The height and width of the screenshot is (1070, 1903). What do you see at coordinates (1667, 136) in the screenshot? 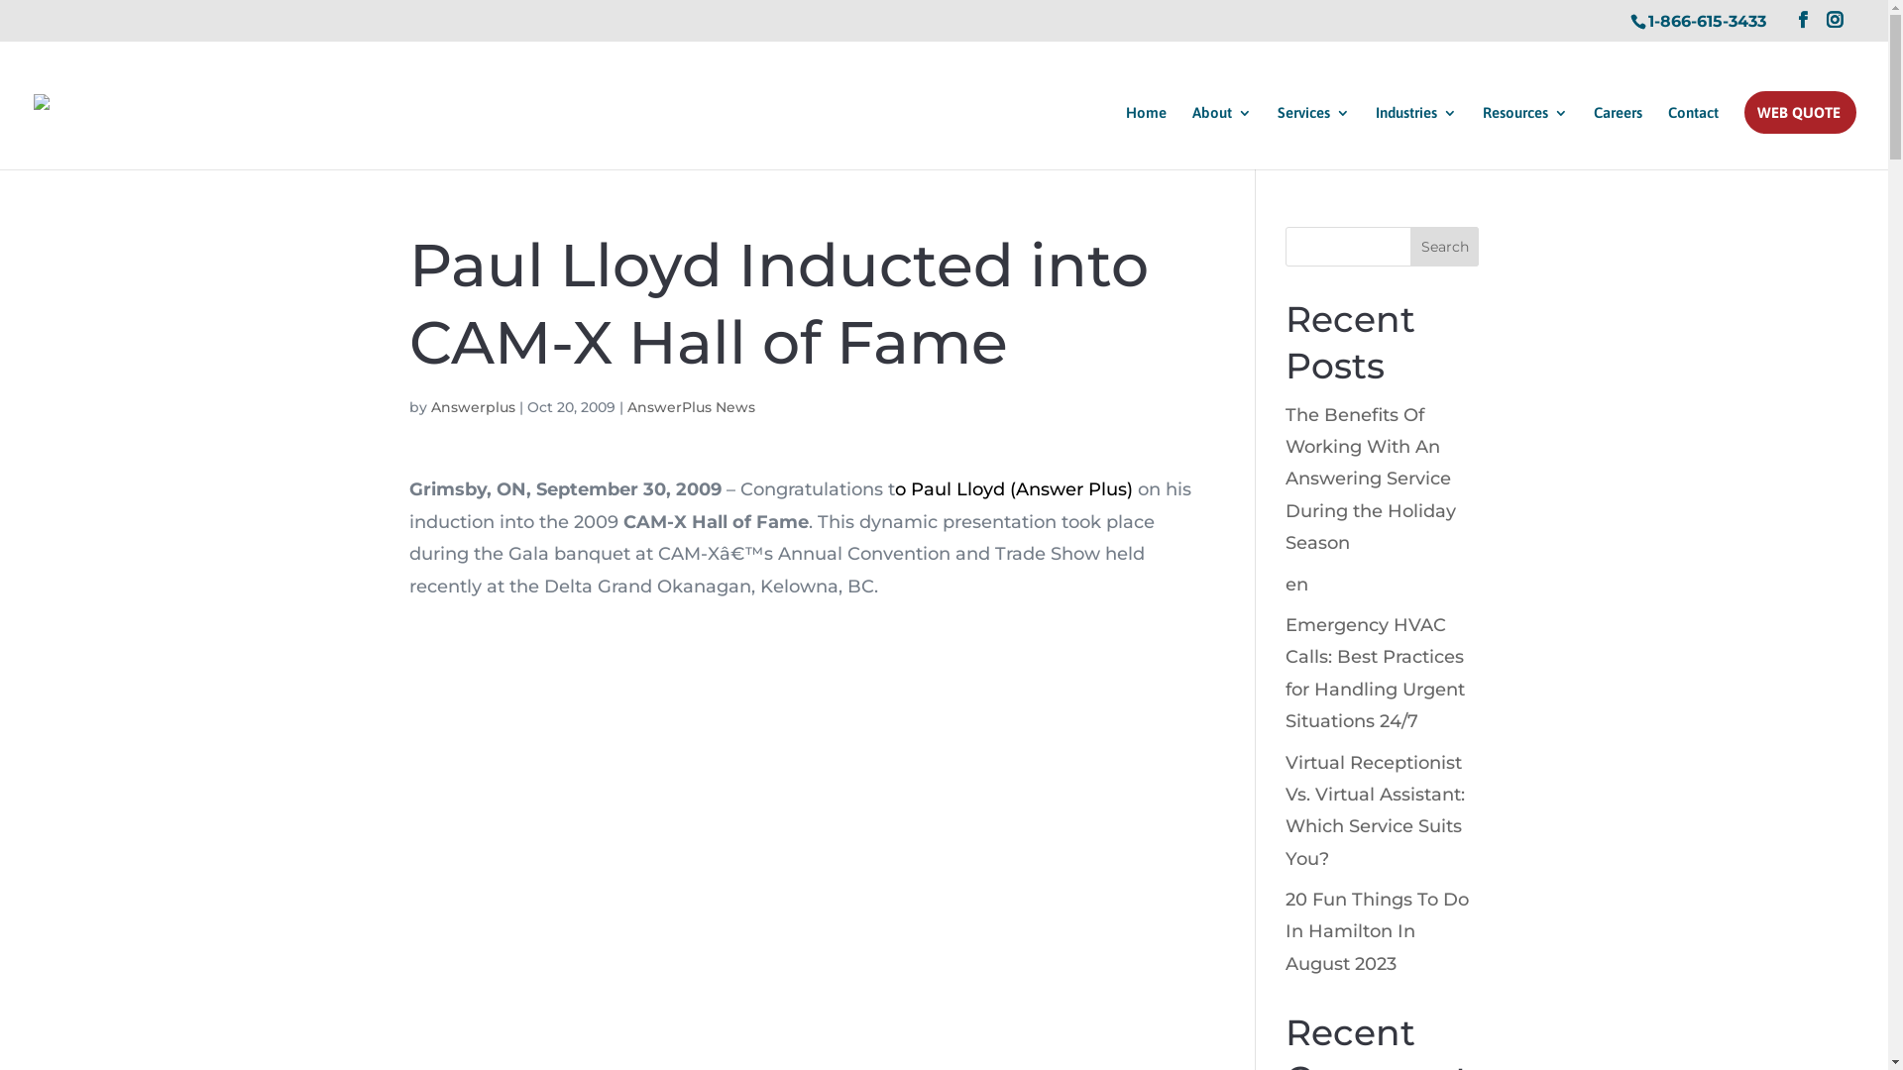
I see `'Contact'` at bounding box center [1667, 136].